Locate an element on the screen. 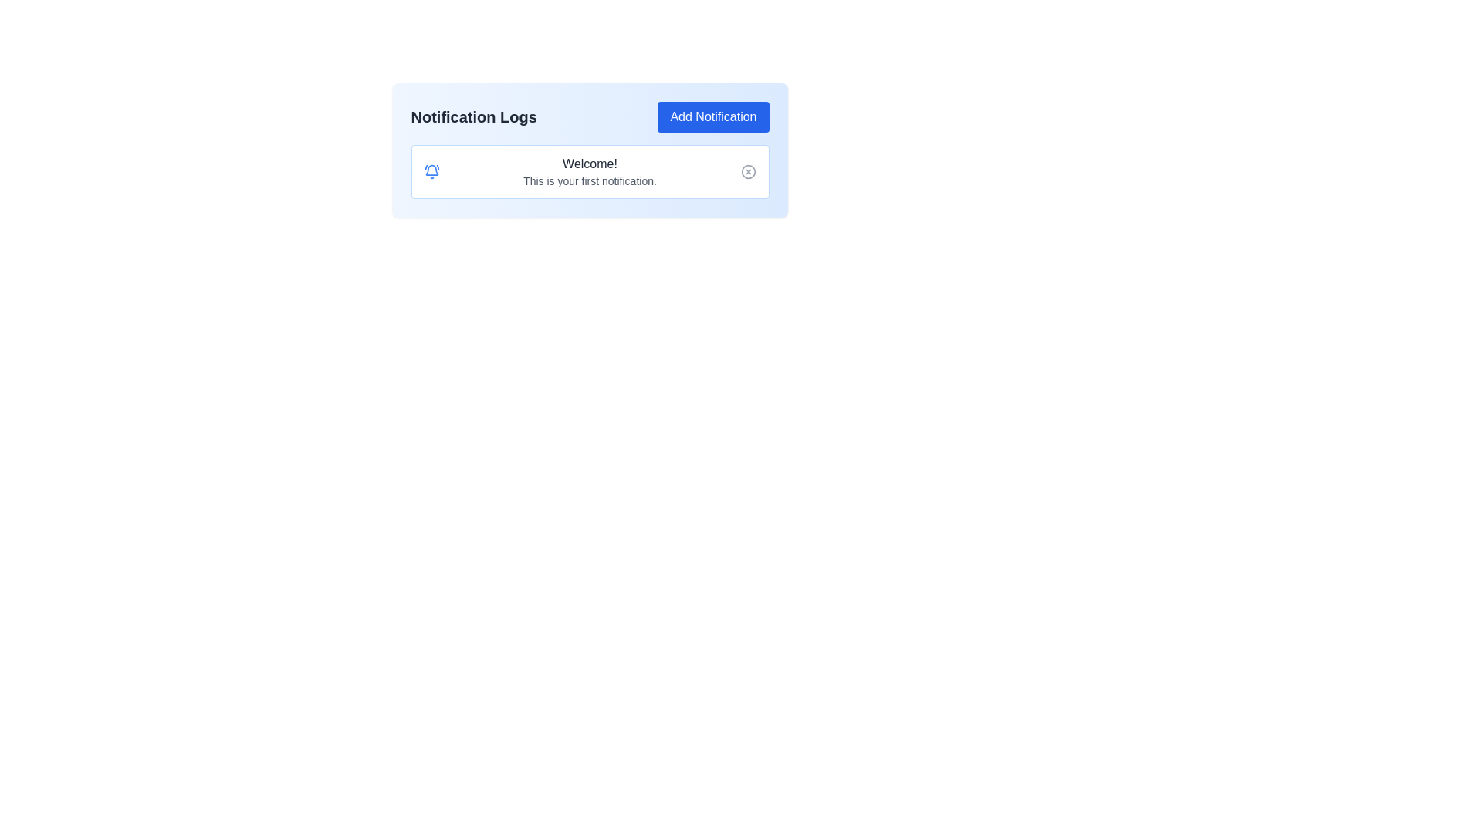 The image size is (1482, 833). the text label that provides a detailed message related to the title 'Welcome!', positioned below 'Welcome!' in the 'Notification Logs' card is located at coordinates (589, 180).